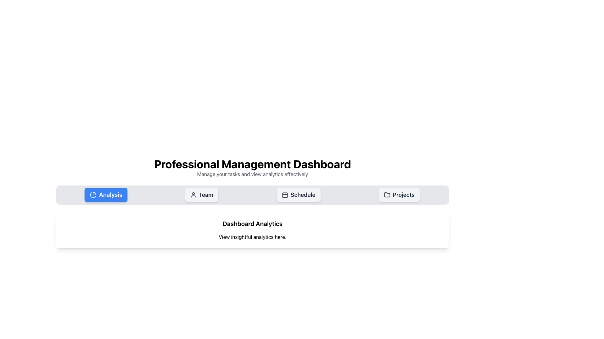  What do you see at coordinates (303, 195) in the screenshot?
I see `the 'Schedule' navigation button located in the horizontal menu bar, centered between the 'Team' and 'Projects' buttons` at bounding box center [303, 195].